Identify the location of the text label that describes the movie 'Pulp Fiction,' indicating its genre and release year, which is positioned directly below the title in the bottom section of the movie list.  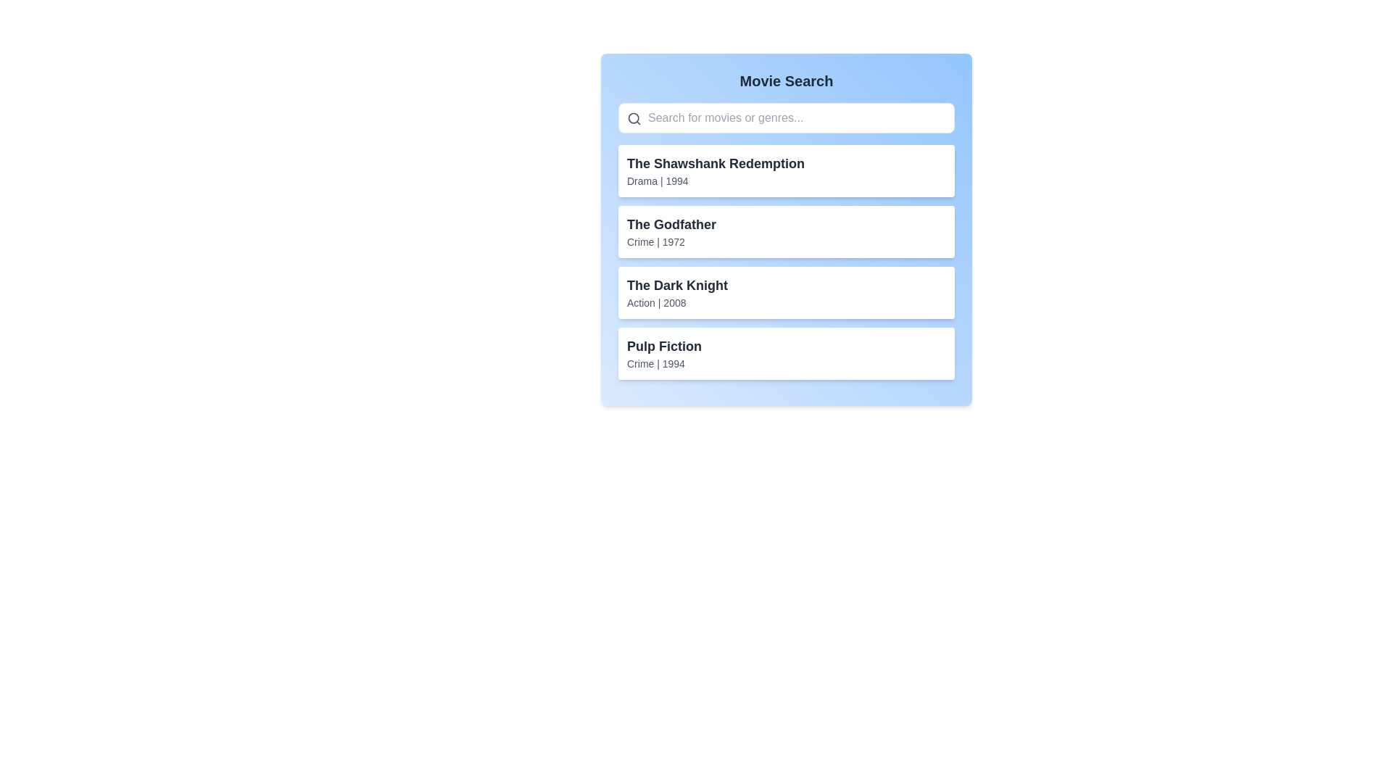
(663, 362).